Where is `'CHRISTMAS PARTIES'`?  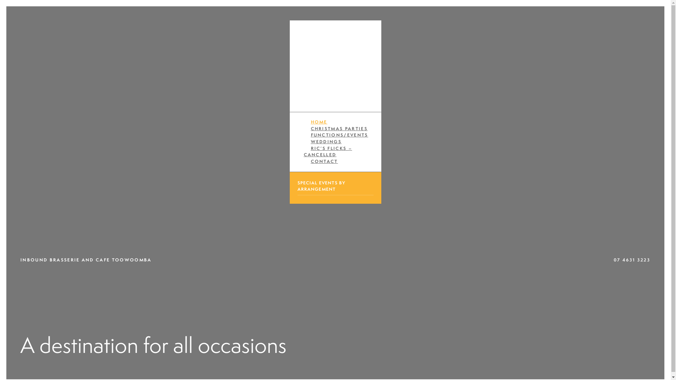 'CHRISTMAS PARTIES' is located at coordinates (339, 128).